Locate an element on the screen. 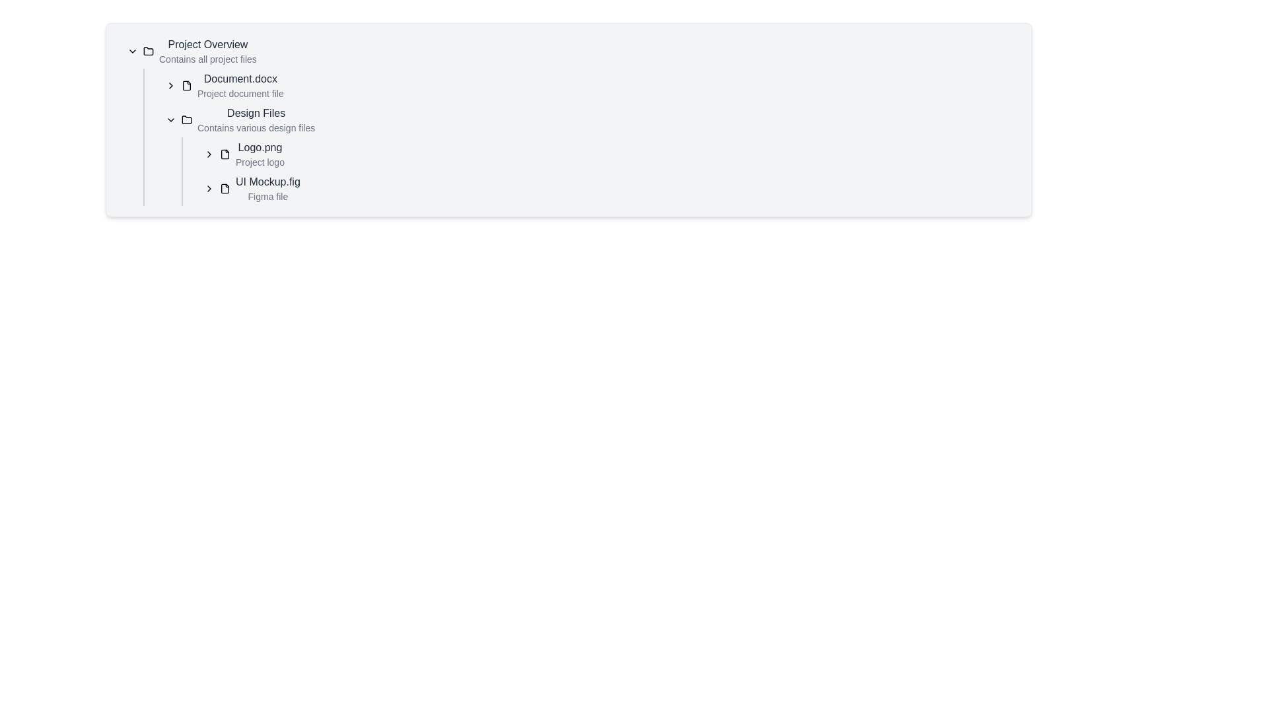 The height and width of the screenshot is (713, 1268). the right-pointing arrow icon that is positioned to the left of the text 'Logo.png' is located at coordinates (208, 154).